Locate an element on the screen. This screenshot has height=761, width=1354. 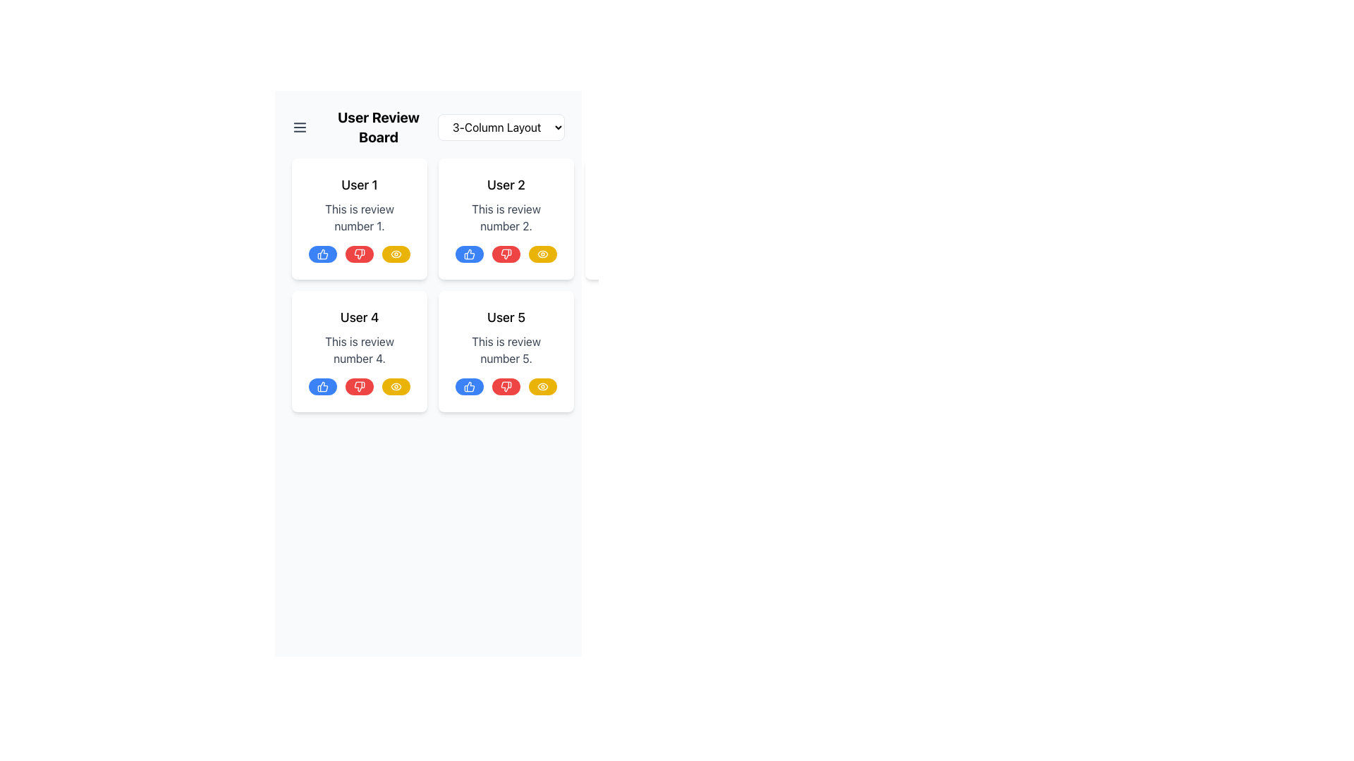
the button located in the bottom-right corner of the card for 'User 1' is located at coordinates (395, 254).